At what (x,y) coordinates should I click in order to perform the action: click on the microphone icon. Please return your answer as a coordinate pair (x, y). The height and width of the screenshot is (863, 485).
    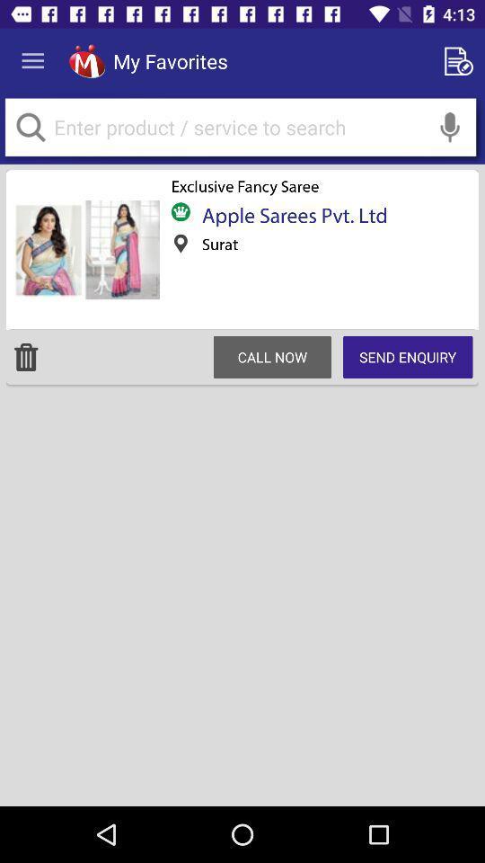
    Looking at the image, I should click on (449, 126).